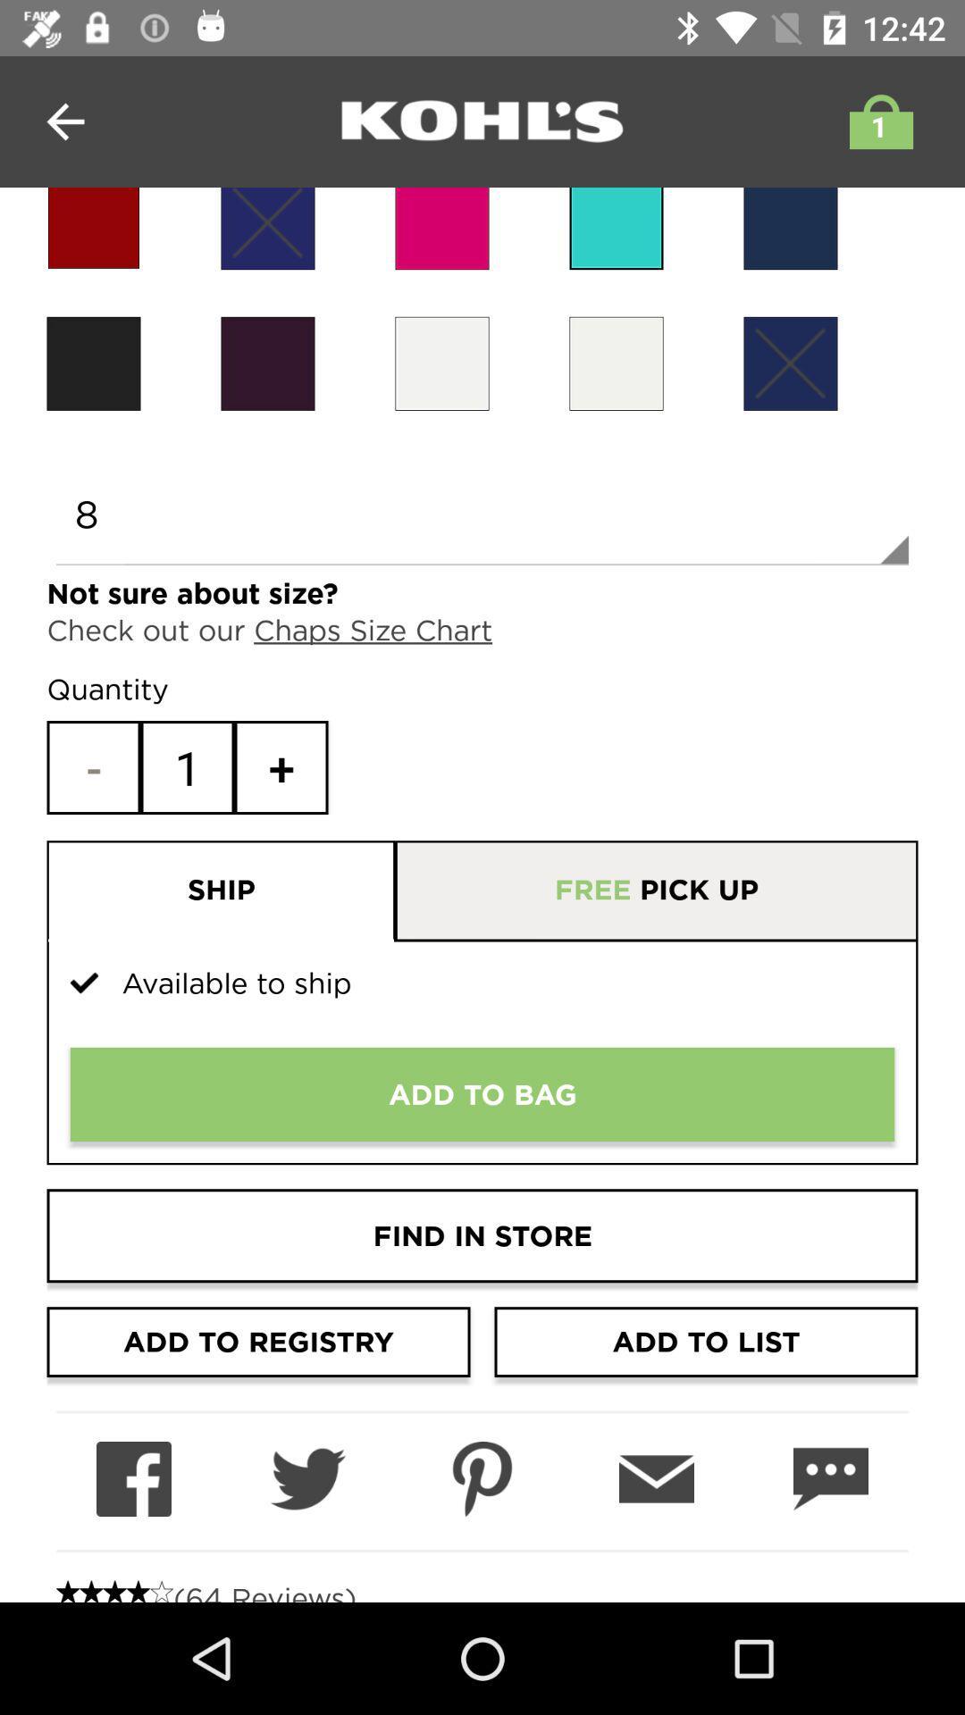 The width and height of the screenshot is (965, 1715). What do you see at coordinates (268, 228) in the screenshot?
I see `dark blue` at bounding box center [268, 228].